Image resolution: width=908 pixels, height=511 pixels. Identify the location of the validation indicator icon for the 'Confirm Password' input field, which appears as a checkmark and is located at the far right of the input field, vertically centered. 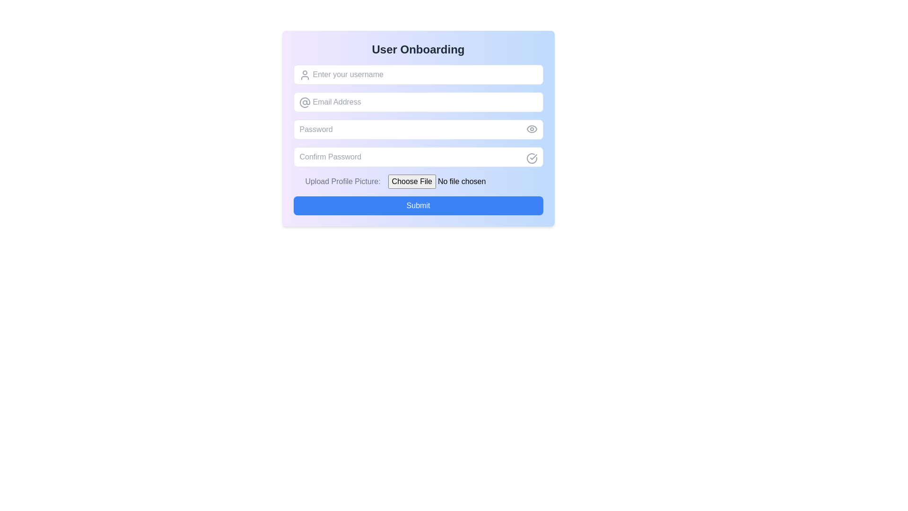
(532, 158).